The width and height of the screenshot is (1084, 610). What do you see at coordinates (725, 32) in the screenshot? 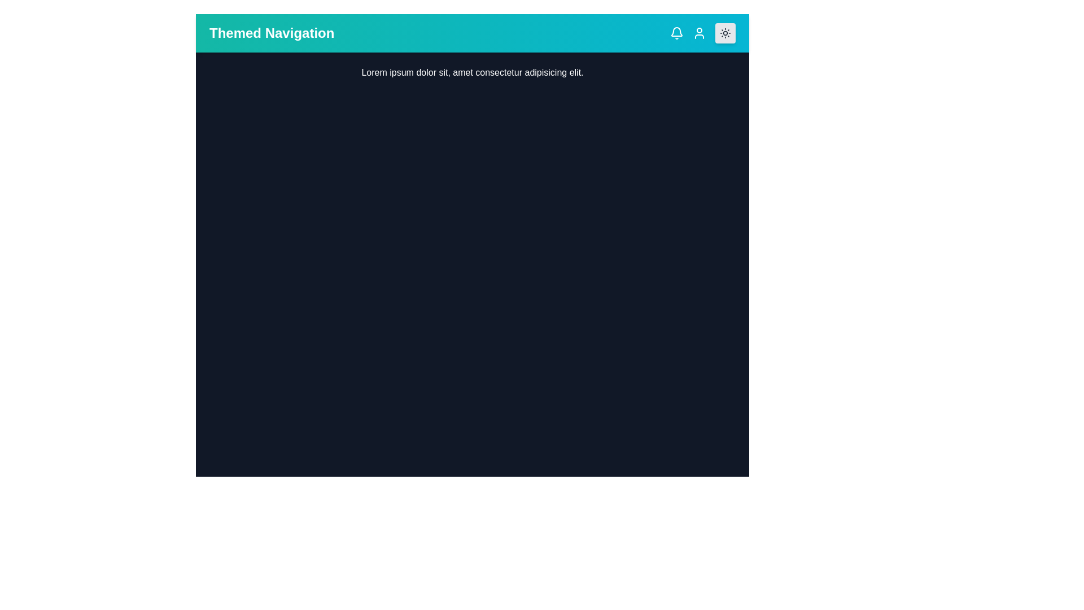
I see `the button with the sun or moon icon to toggle the theme` at bounding box center [725, 32].